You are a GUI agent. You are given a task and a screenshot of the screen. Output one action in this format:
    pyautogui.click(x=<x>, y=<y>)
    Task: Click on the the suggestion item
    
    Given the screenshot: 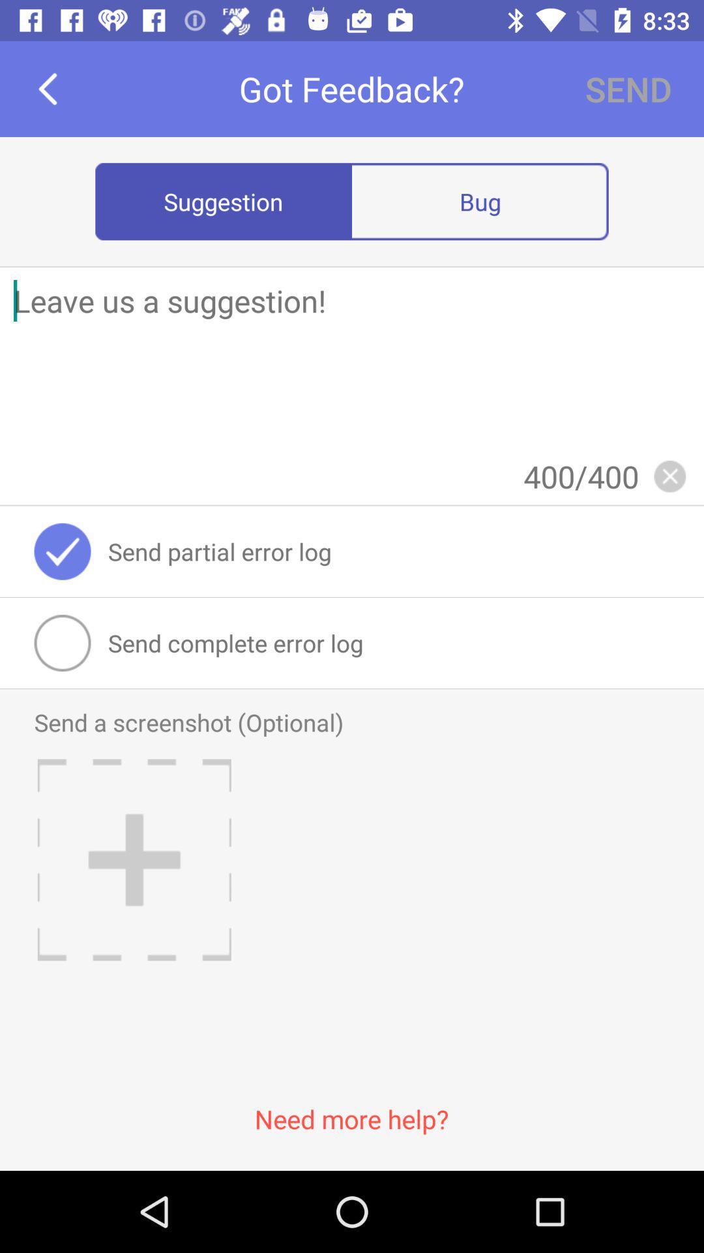 What is the action you would take?
    pyautogui.click(x=223, y=200)
    